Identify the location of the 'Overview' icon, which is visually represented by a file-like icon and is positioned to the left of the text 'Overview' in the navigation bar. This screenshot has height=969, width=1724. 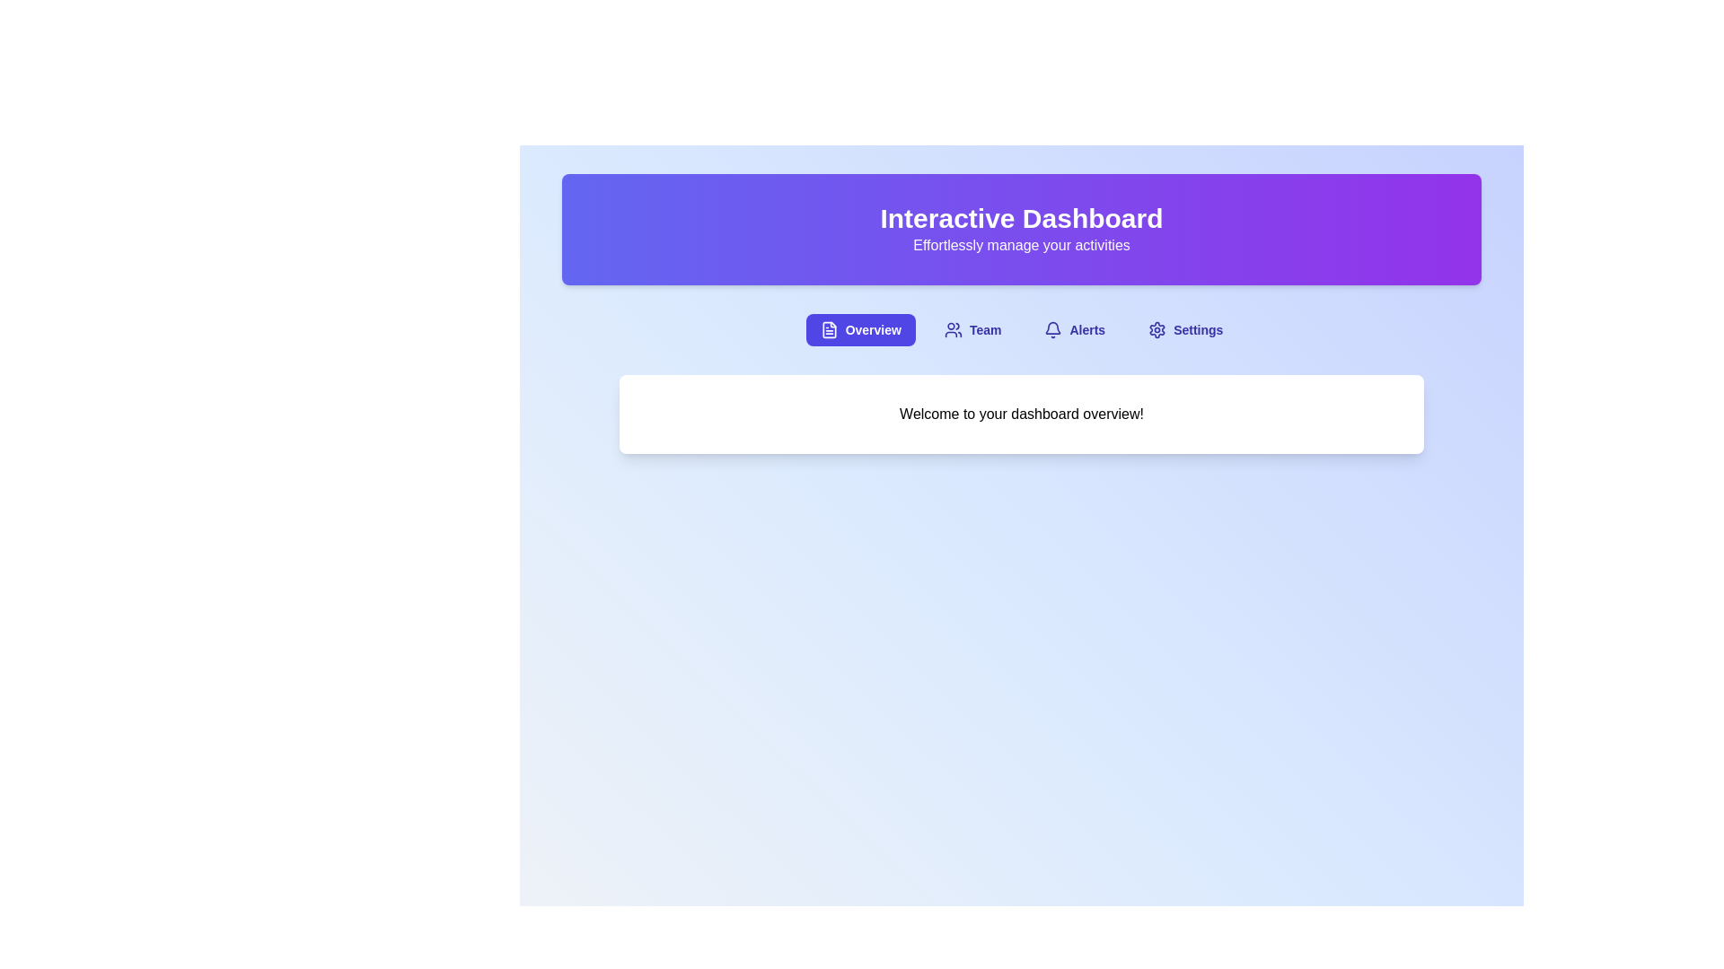
(828, 329).